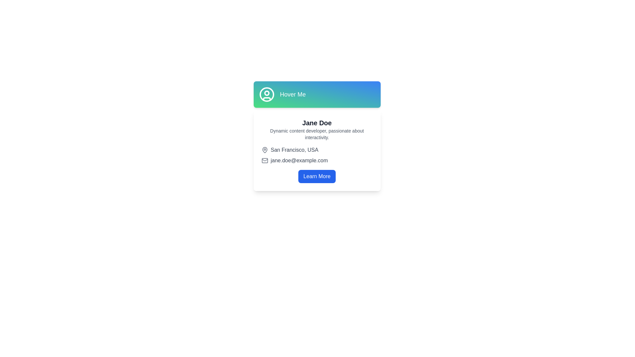 The height and width of the screenshot is (357, 635). I want to click on the outer circle of the user avatar icon located in the left section of the header bar labeled 'Hover Me', so click(267, 94).